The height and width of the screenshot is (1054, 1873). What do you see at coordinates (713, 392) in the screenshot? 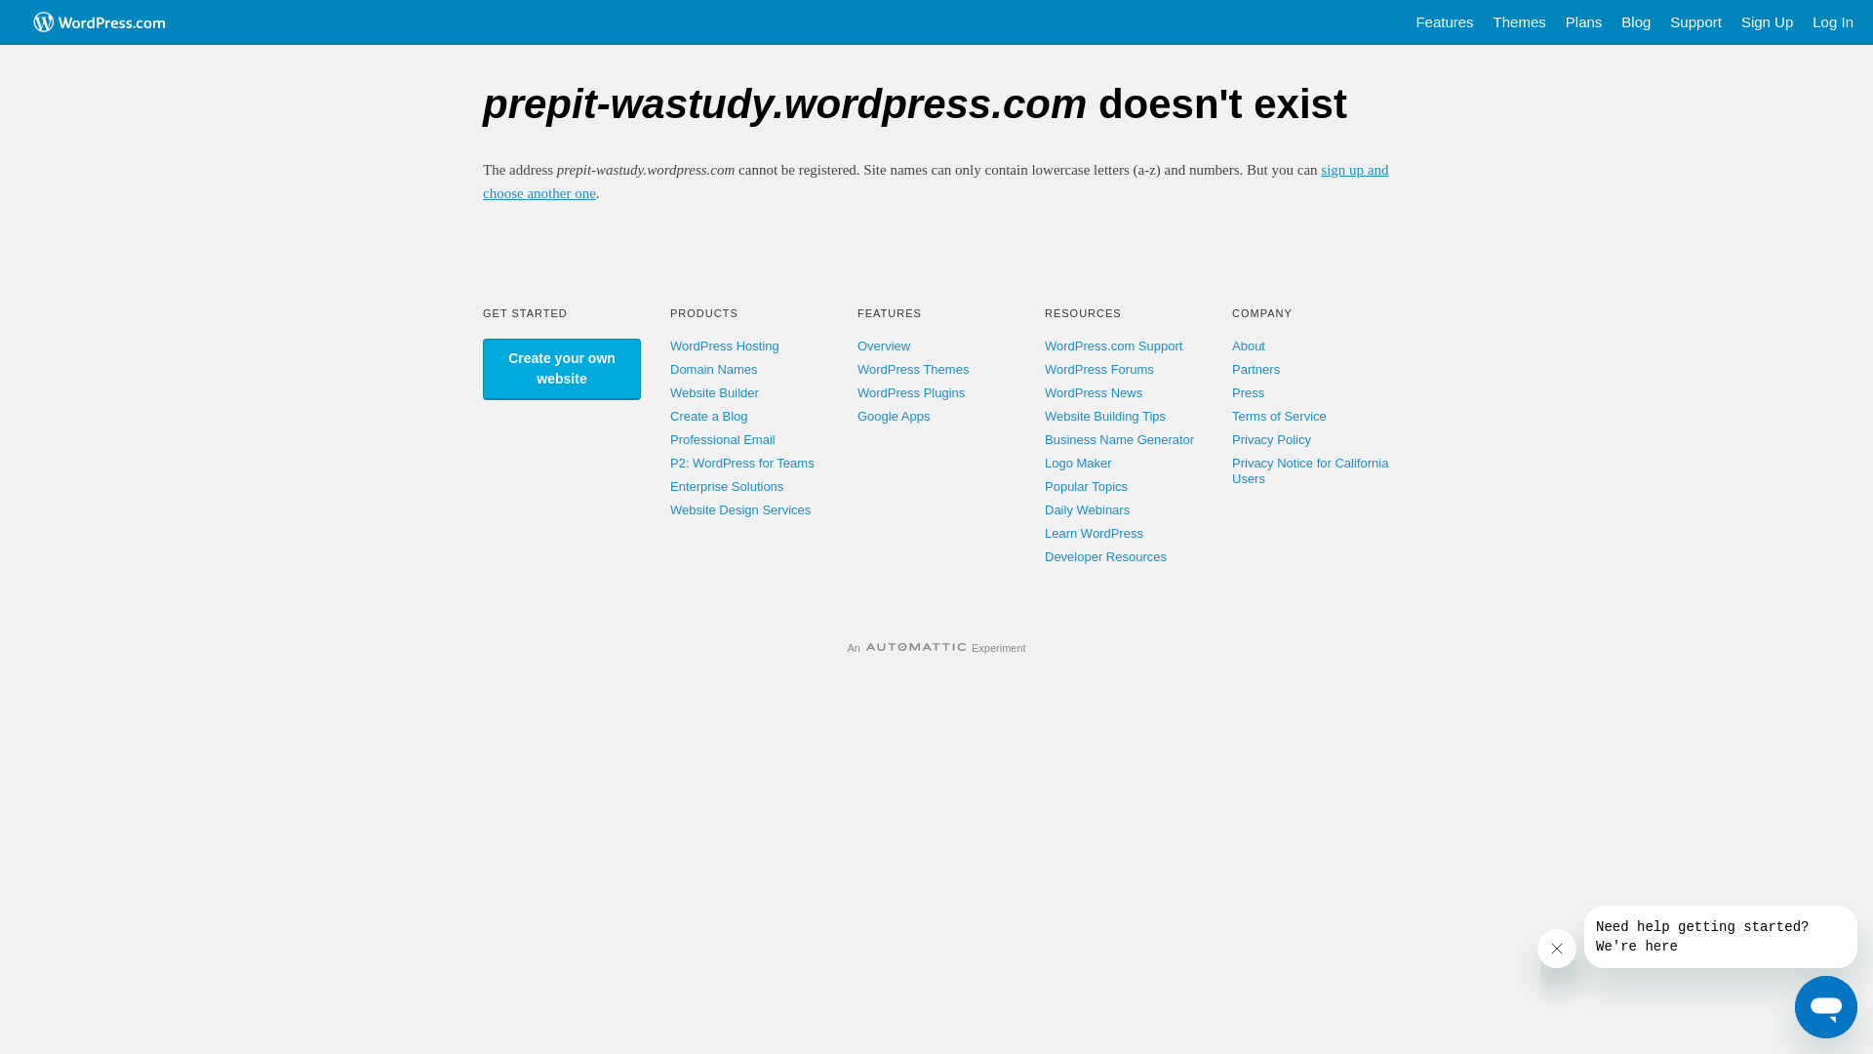
I see `'Website Builder'` at bounding box center [713, 392].